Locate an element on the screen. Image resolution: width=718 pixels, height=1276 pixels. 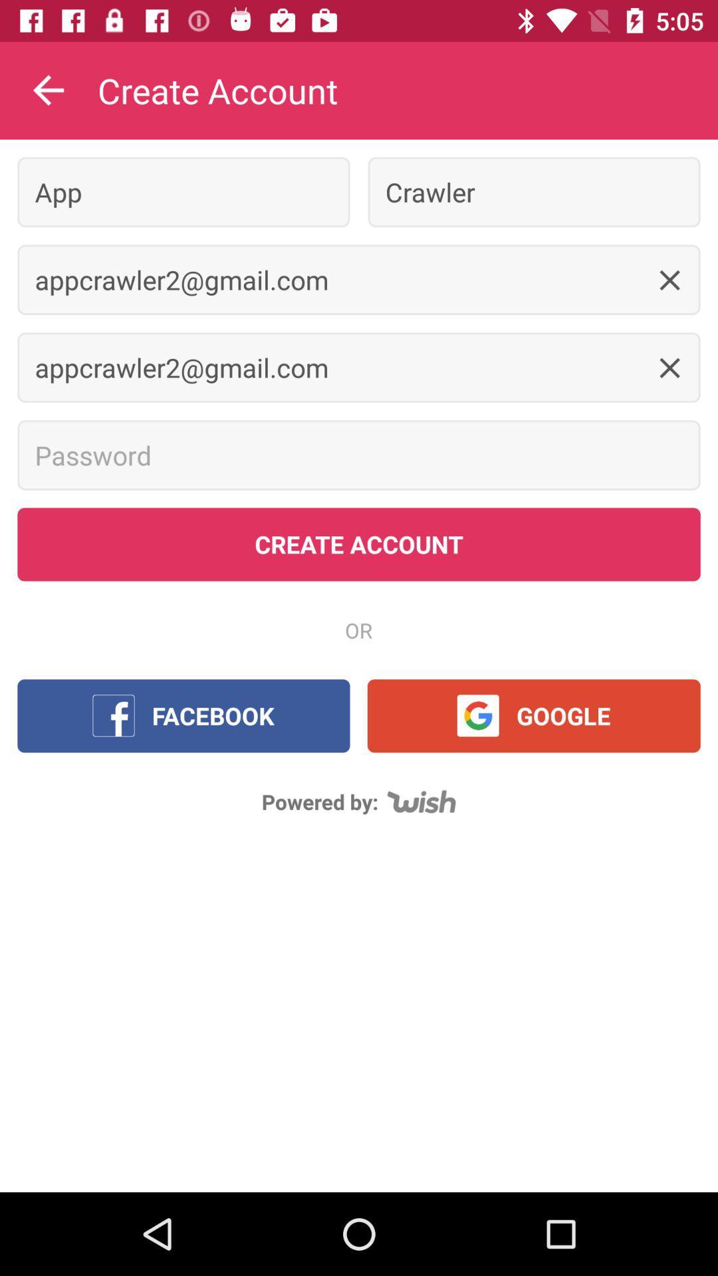
the icon above the appcrawler2@gmail.com is located at coordinates (183, 191).